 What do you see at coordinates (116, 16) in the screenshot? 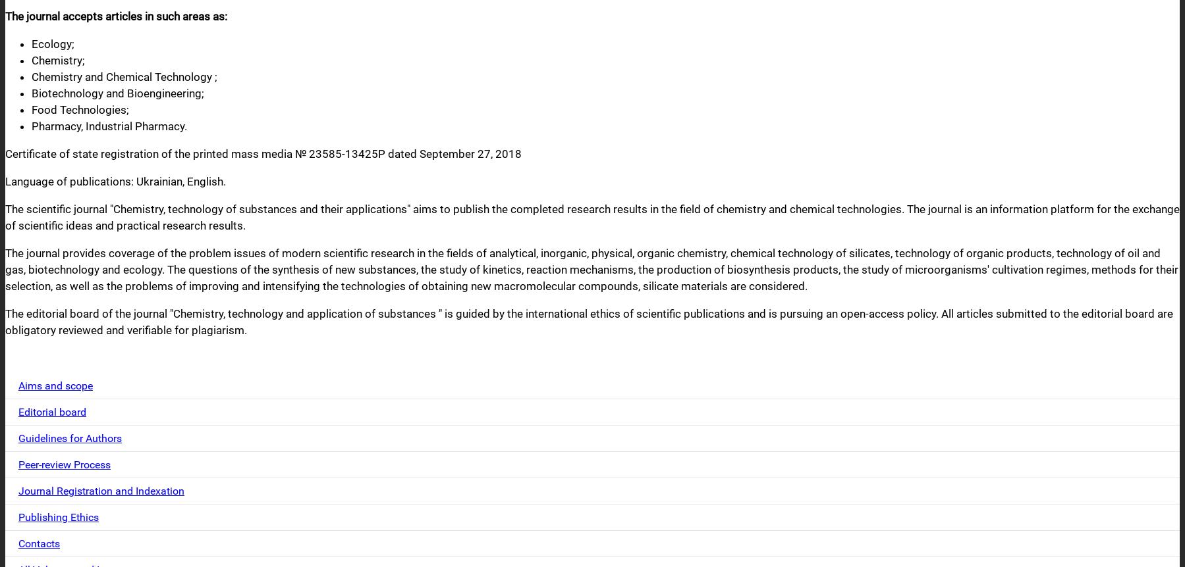
I see `'The journal accepts articles in such areas as:'` at bounding box center [116, 16].